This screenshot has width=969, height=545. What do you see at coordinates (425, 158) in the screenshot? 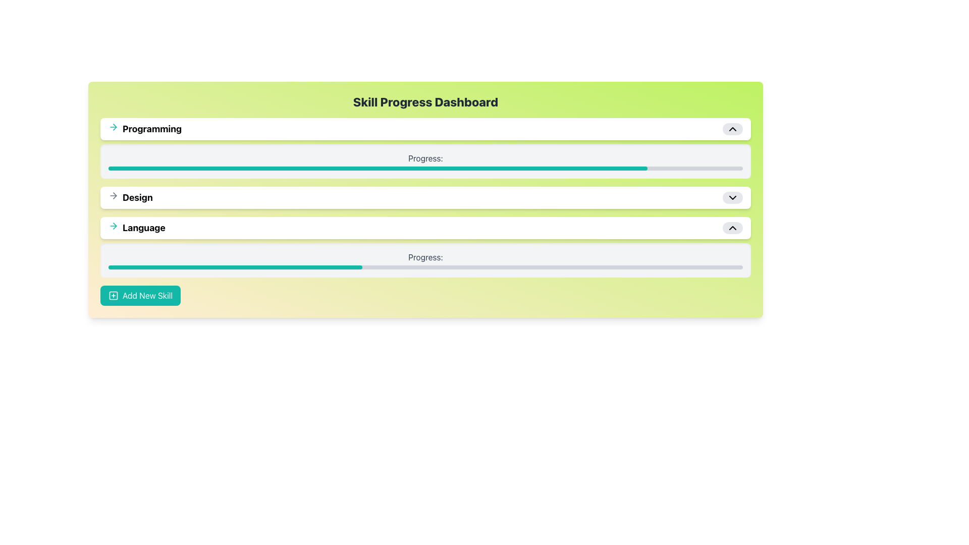
I see `the text label that reads 'Progress:' in medium gray color, located above the progress bar in the 'Programming' skill section` at bounding box center [425, 158].